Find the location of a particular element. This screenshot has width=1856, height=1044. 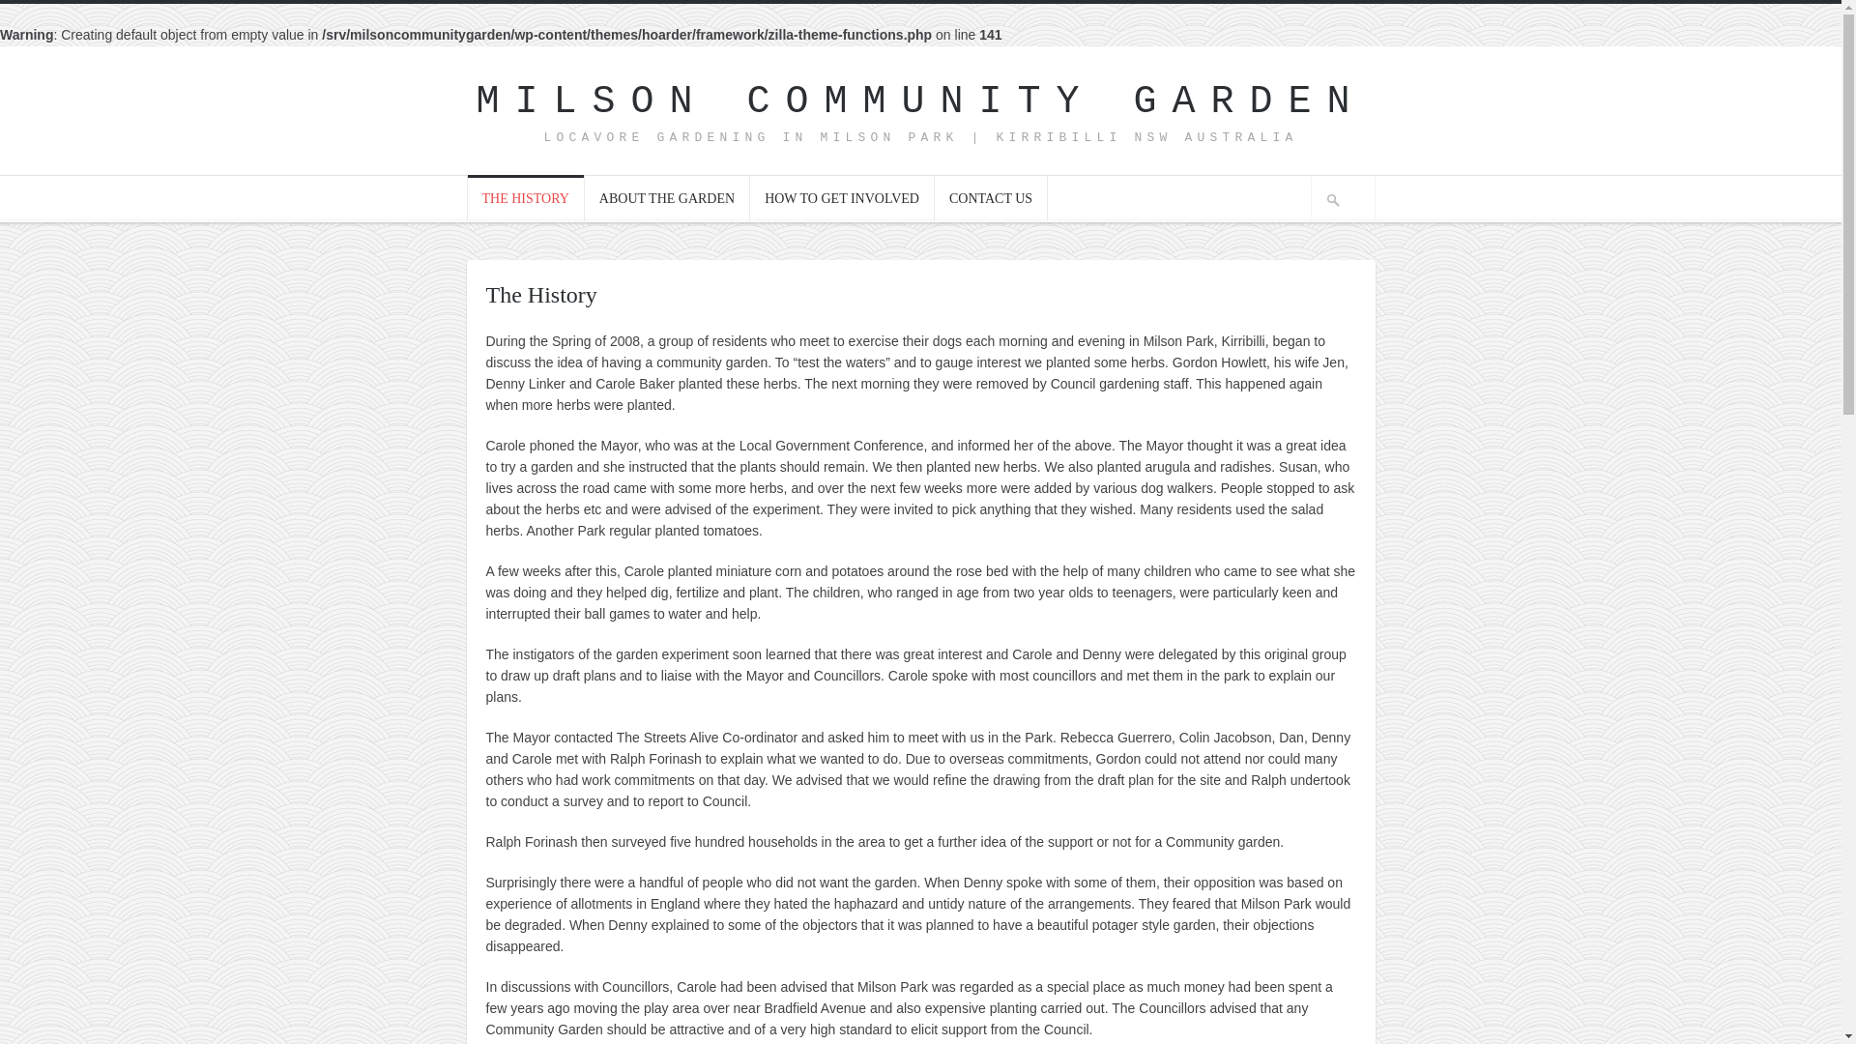

'ABOUT THE GARDEN' is located at coordinates (667, 197).